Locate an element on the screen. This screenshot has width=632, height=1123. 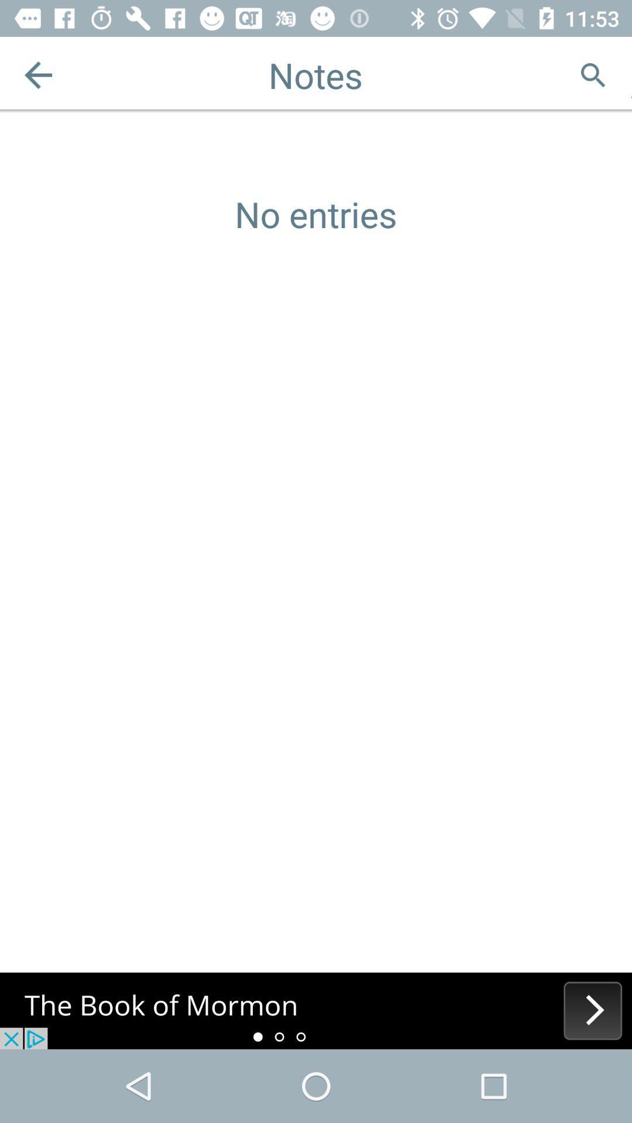
the search icon is located at coordinates (593, 74).